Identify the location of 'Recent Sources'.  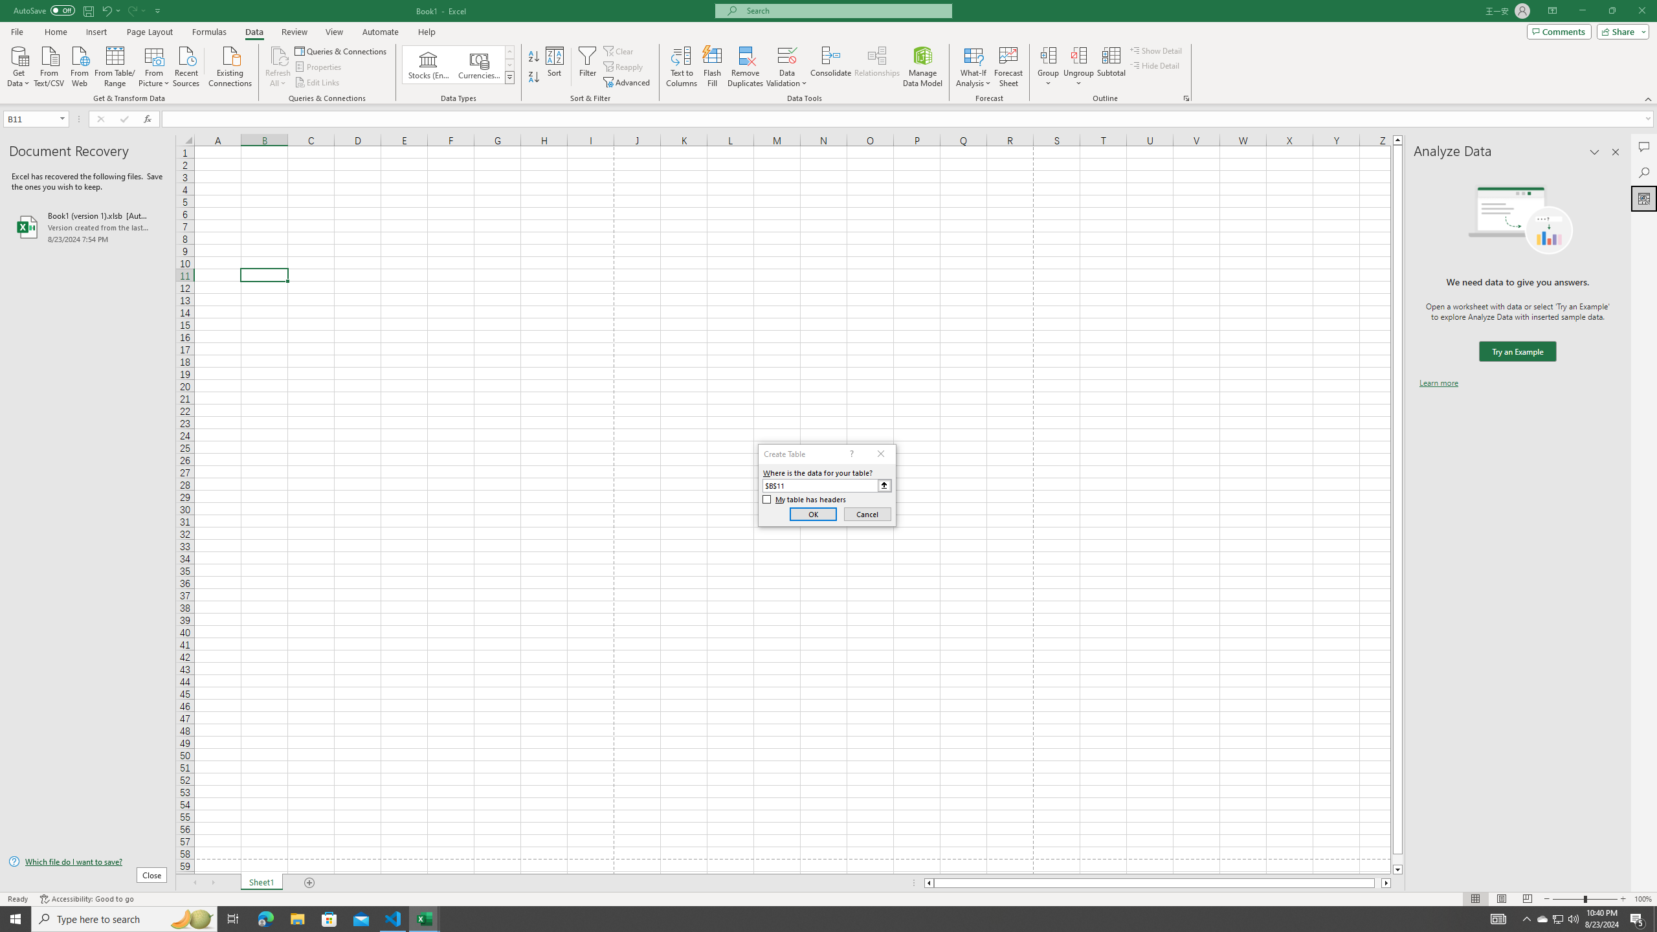
(186, 65).